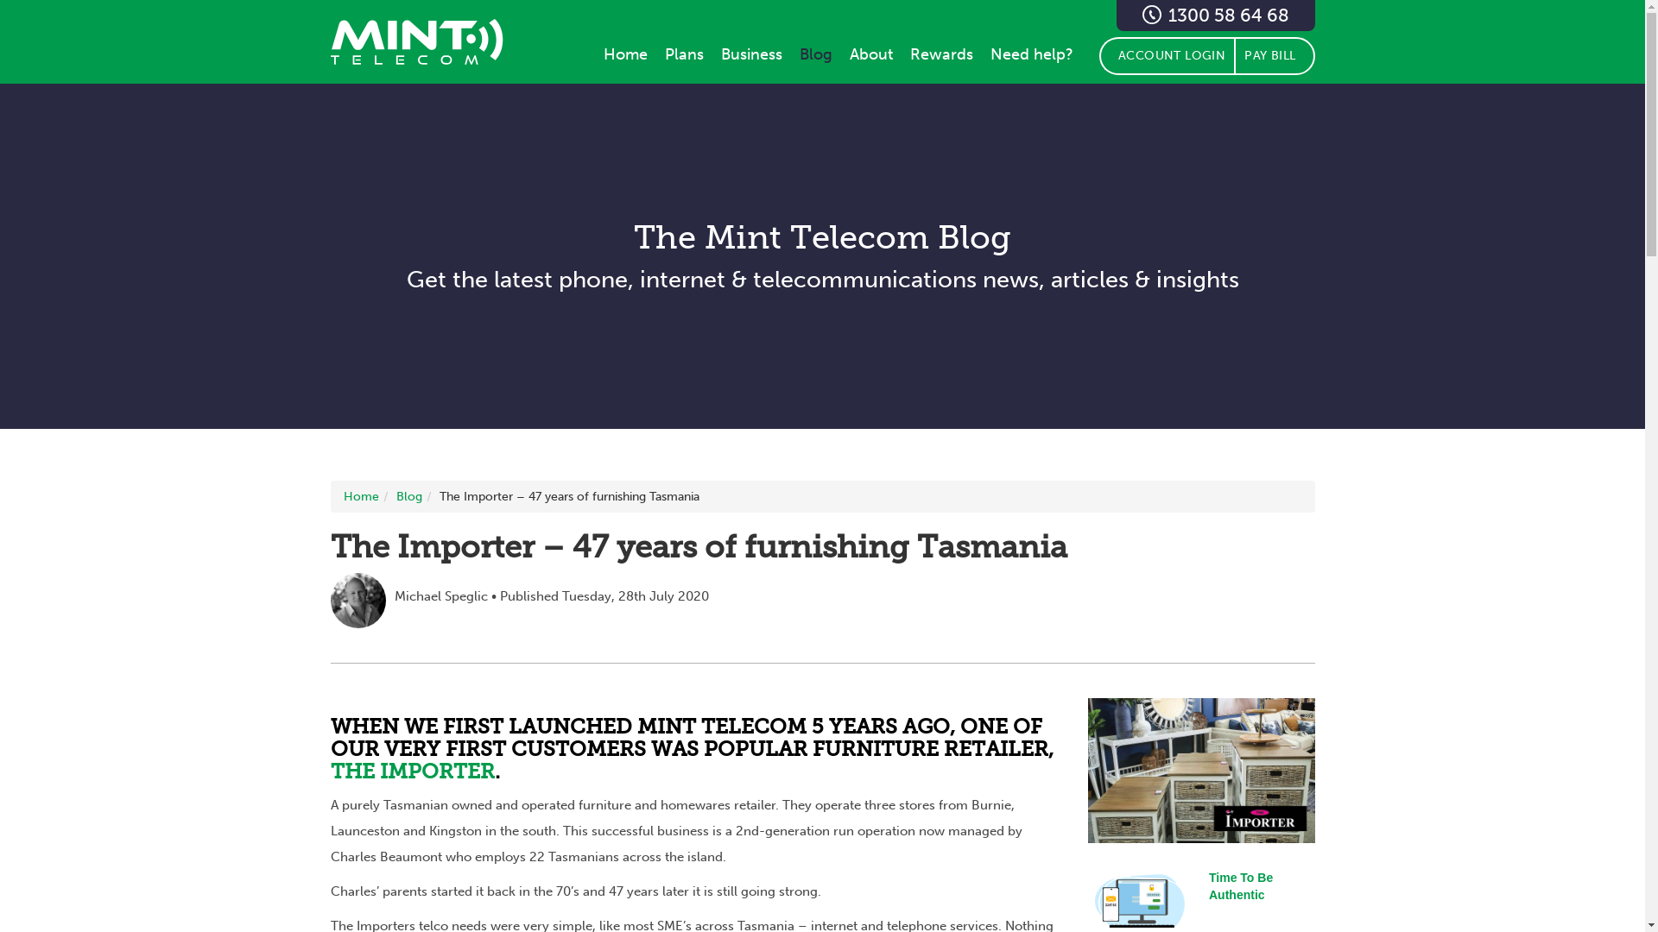 This screenshot has width=1658, height=932. I want to click on 'Need help?', so click(1032, 53).